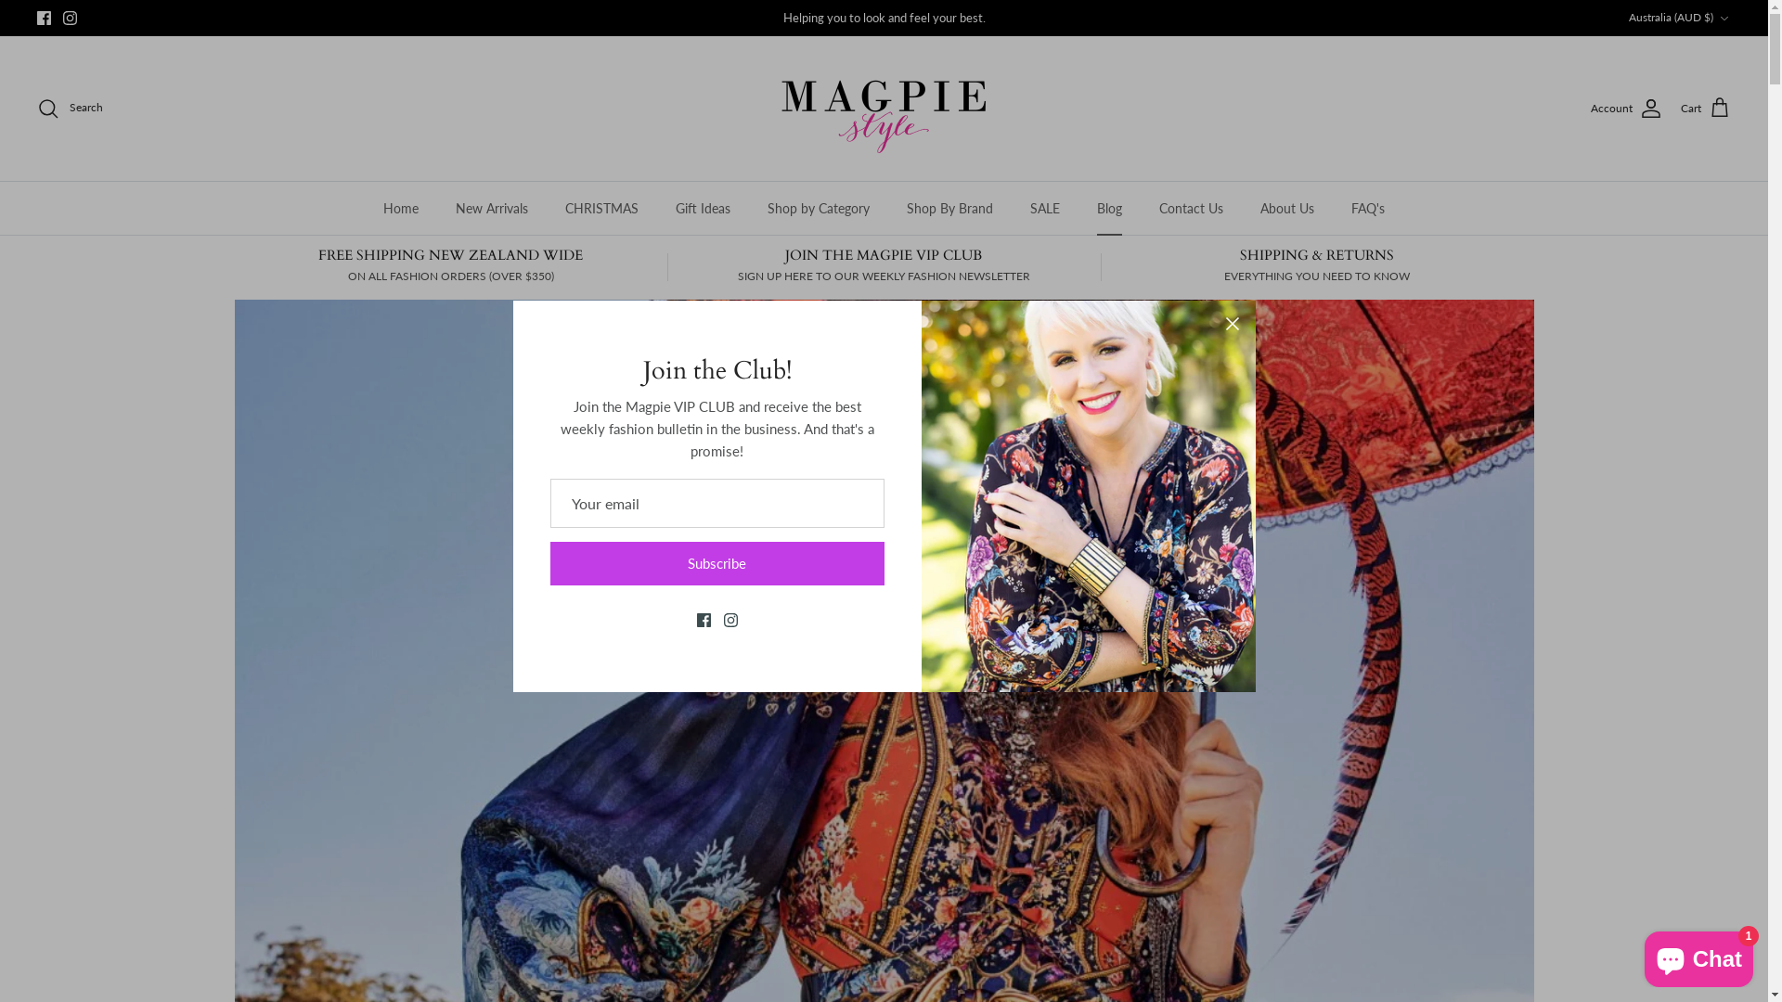 The image size is (1782, 1002). What do you see at coordinates (70, 108) in the screenshot?
I see `'Search'` at bounding box center [70, 108].